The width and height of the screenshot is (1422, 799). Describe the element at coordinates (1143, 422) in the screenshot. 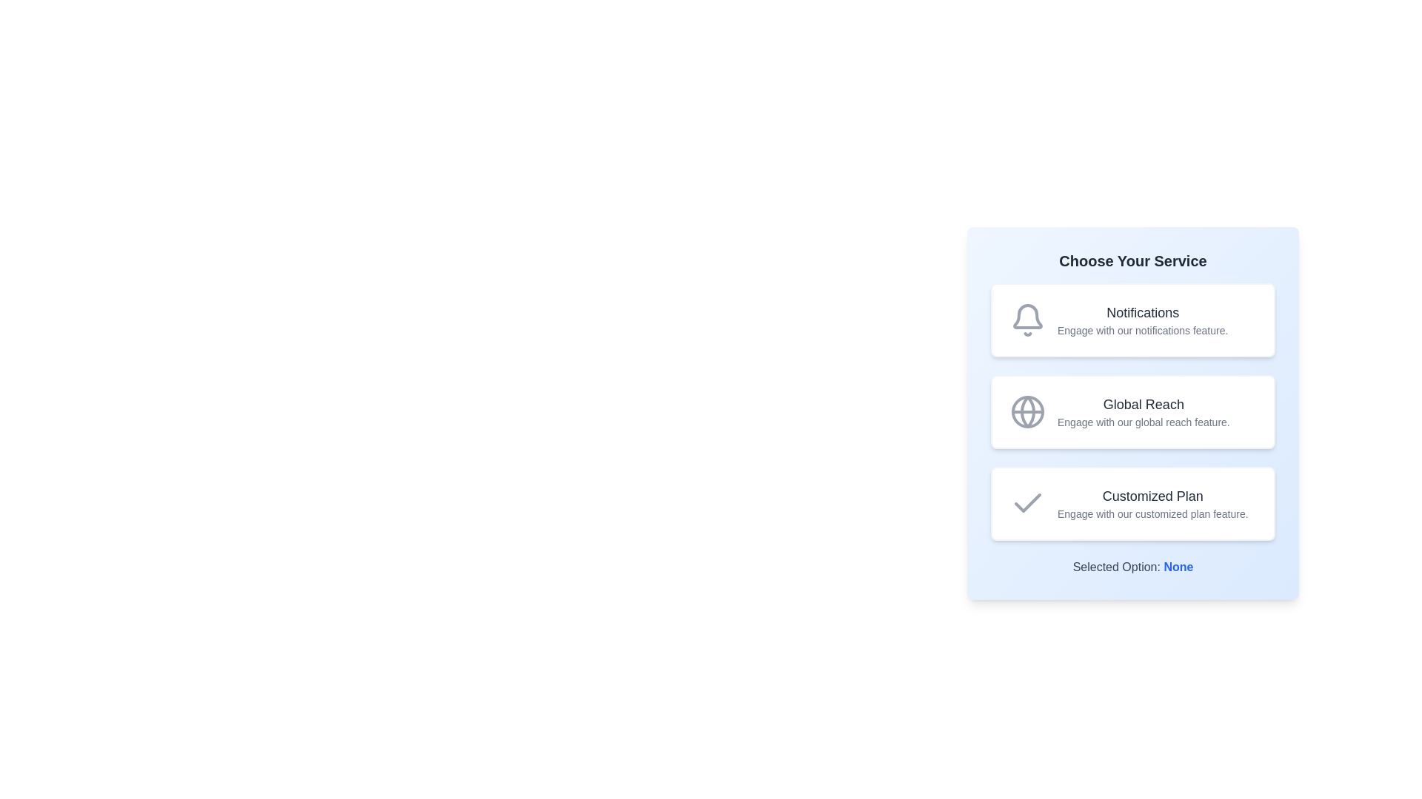

I see `the descriptive text element that provides additional information about the 'Global Reach' feature, which is located below the title 'Global Reach' and to the right of a globe icon` at that location.